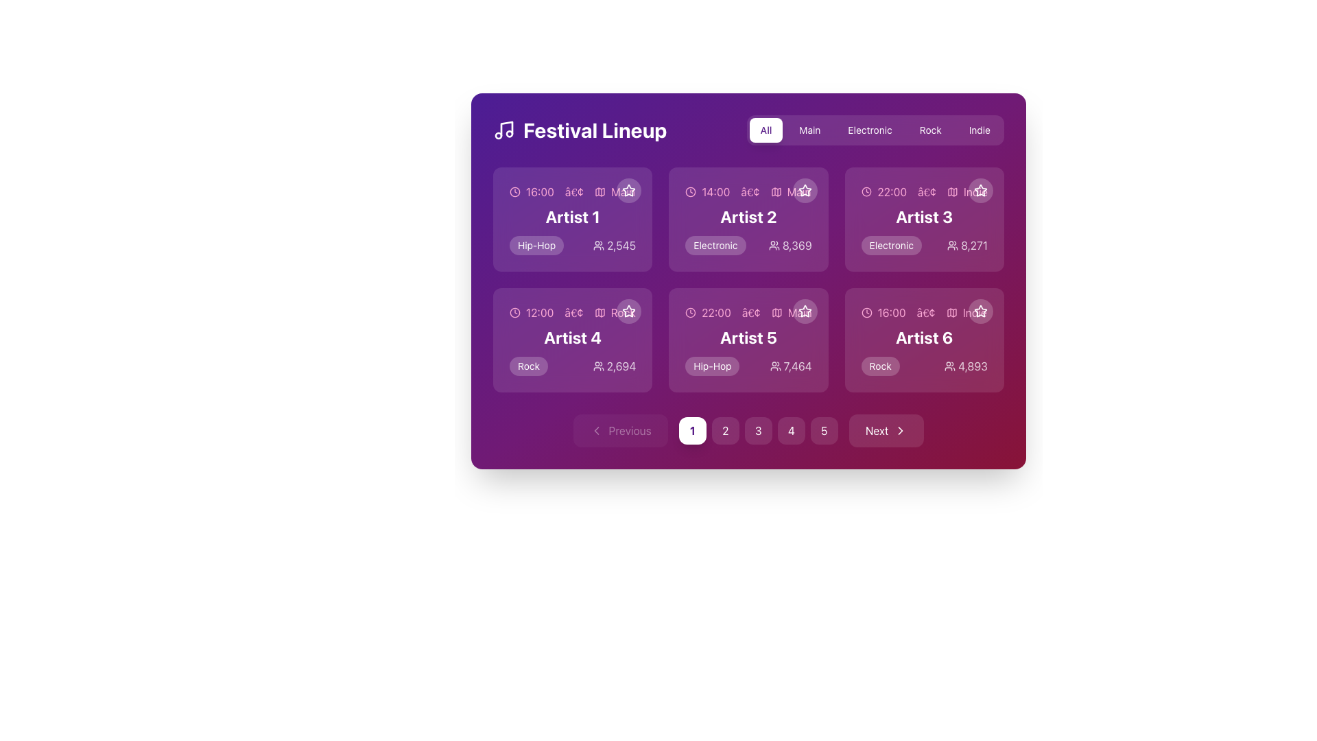 The width and height of the screenshot is (1317, 741). What do you see at coordinates (901, 430) in the screenshot?
I see `the chevron icon located at the far right of the 'Next' button in the pagination section` at bounding box center [901, 430].